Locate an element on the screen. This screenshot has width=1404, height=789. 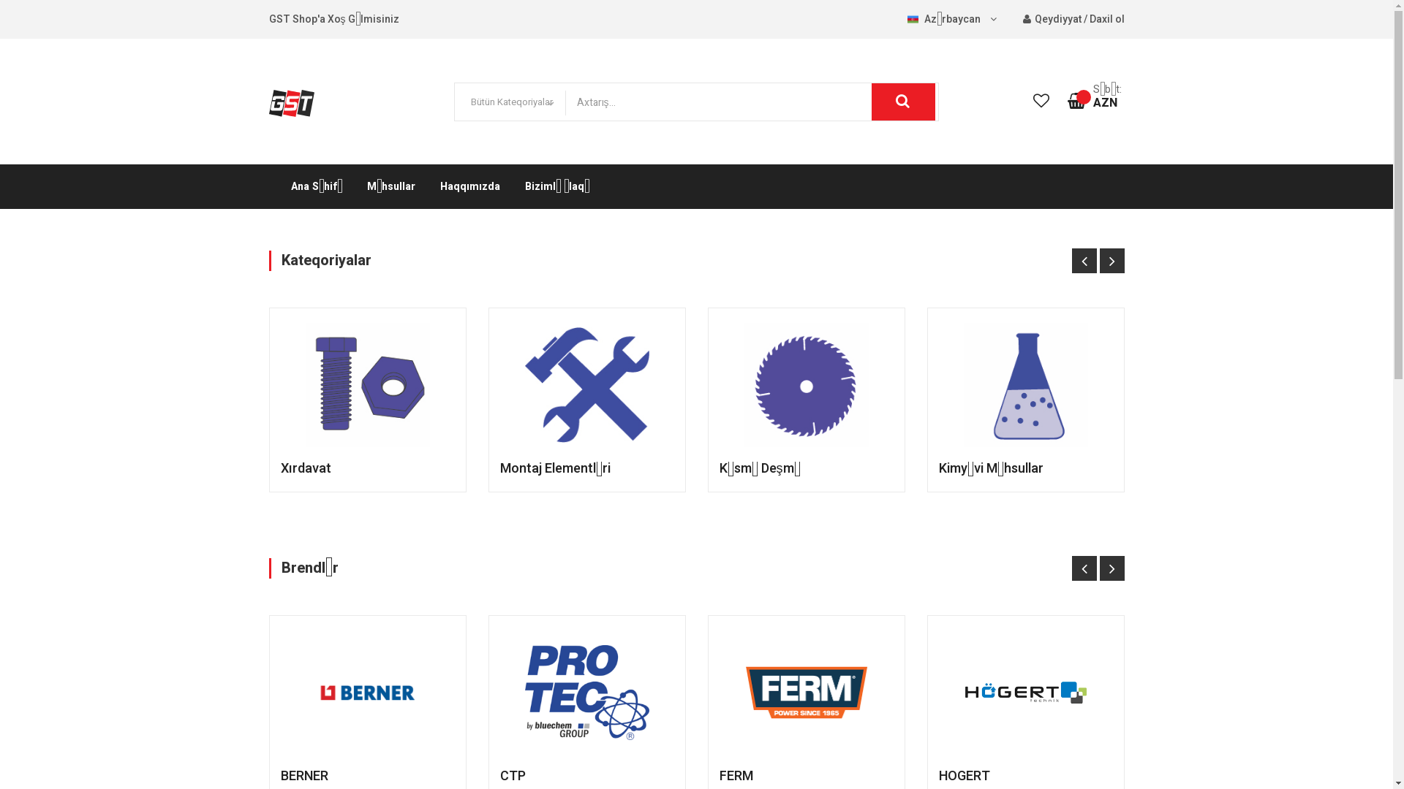
'HOGERT' is located at coordinates (965, 775).